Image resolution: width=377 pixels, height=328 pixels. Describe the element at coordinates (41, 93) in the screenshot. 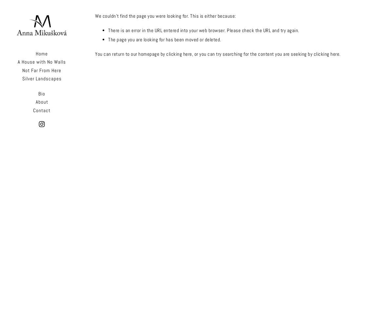

I see `'Bio'` at that location.